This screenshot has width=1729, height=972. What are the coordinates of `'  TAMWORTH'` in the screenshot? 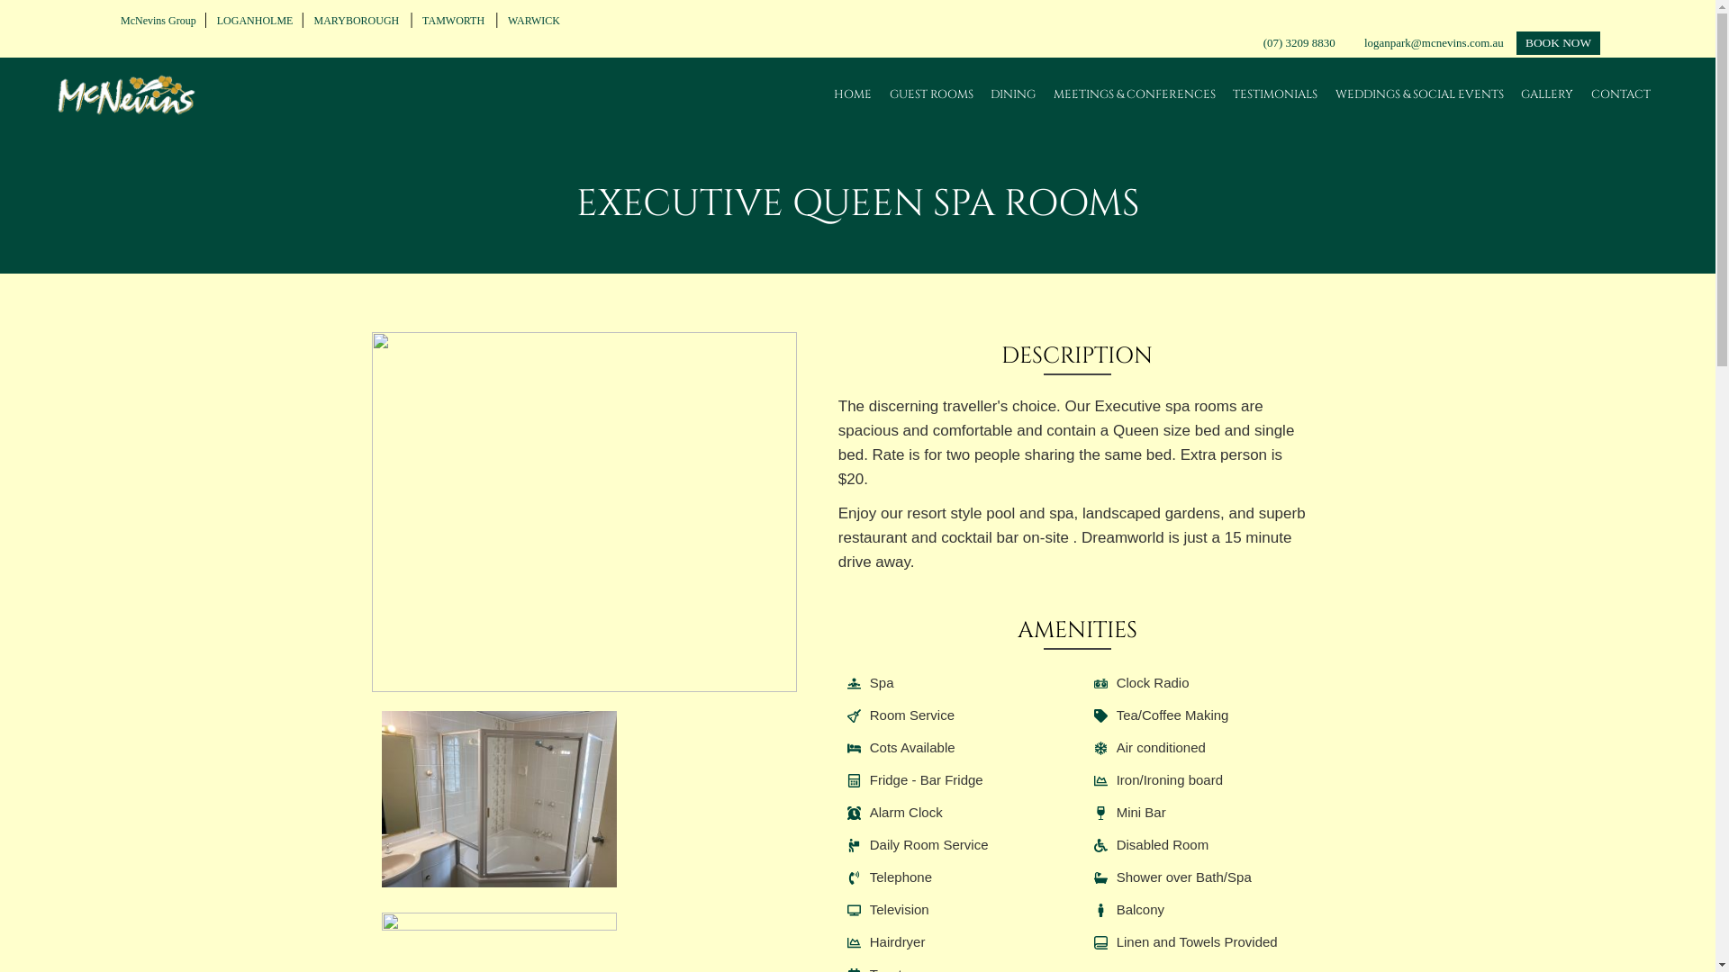 It's located at (452, 21).